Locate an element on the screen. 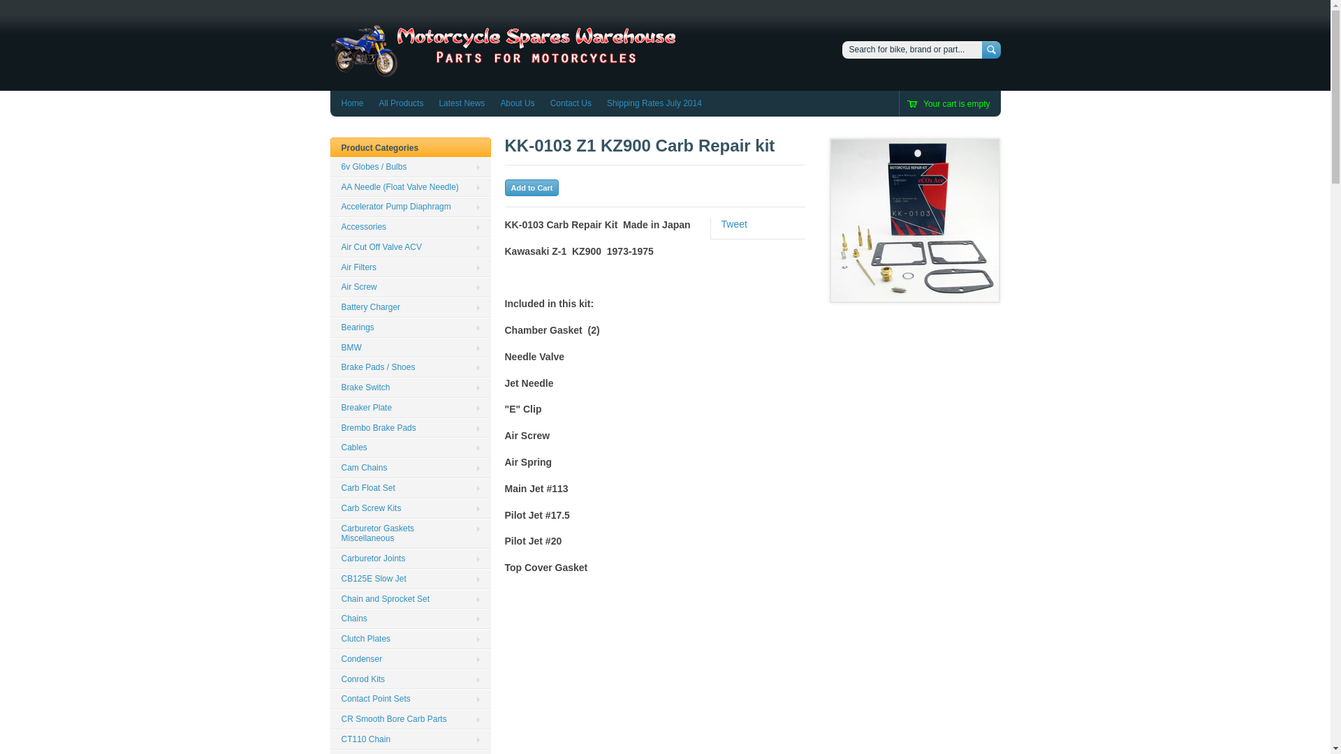 Image resolution: width=1341 pixels, height=754 pixels. 'Carburetor Gaskets Miscellaneous' is located at coordinates (409, 533).